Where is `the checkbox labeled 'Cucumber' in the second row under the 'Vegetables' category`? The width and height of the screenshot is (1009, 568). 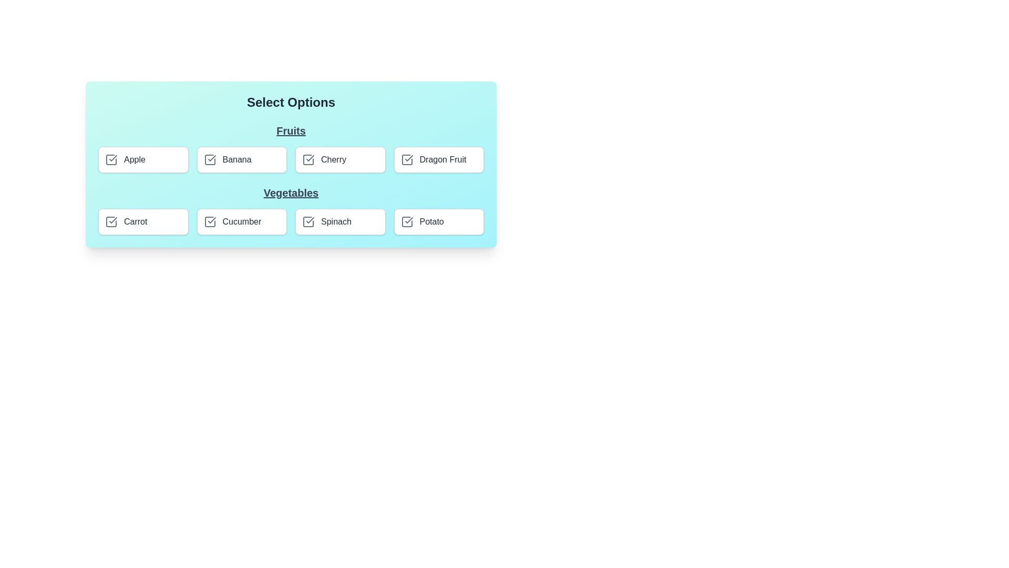
the checkbox labeled 'Cucumber' in the second row under the 'Vegetables' category is located at coordinates (210, 221).